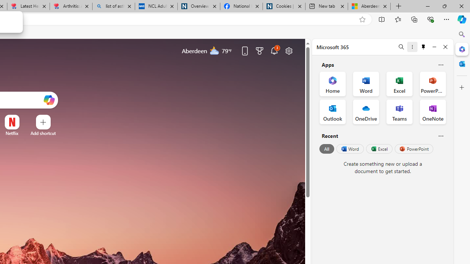 This screenshot has height=264, width=470. Describe the element at coordinates (12, 133) in the screenshot. I see `'Netflix'` at that location.